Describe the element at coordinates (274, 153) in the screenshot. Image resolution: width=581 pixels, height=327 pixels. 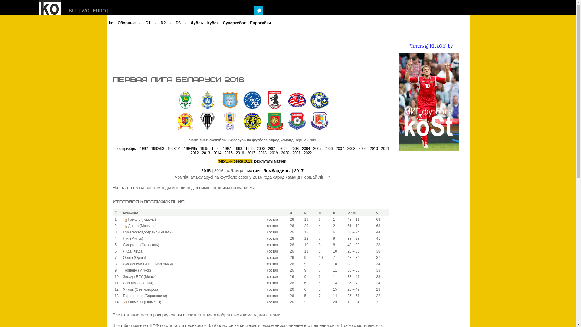
I see `'2019'` at that location.